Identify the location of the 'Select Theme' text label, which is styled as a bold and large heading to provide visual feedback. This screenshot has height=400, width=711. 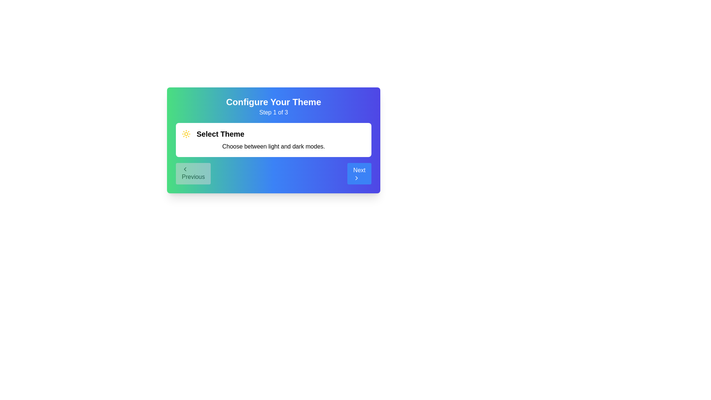
(220, 134).